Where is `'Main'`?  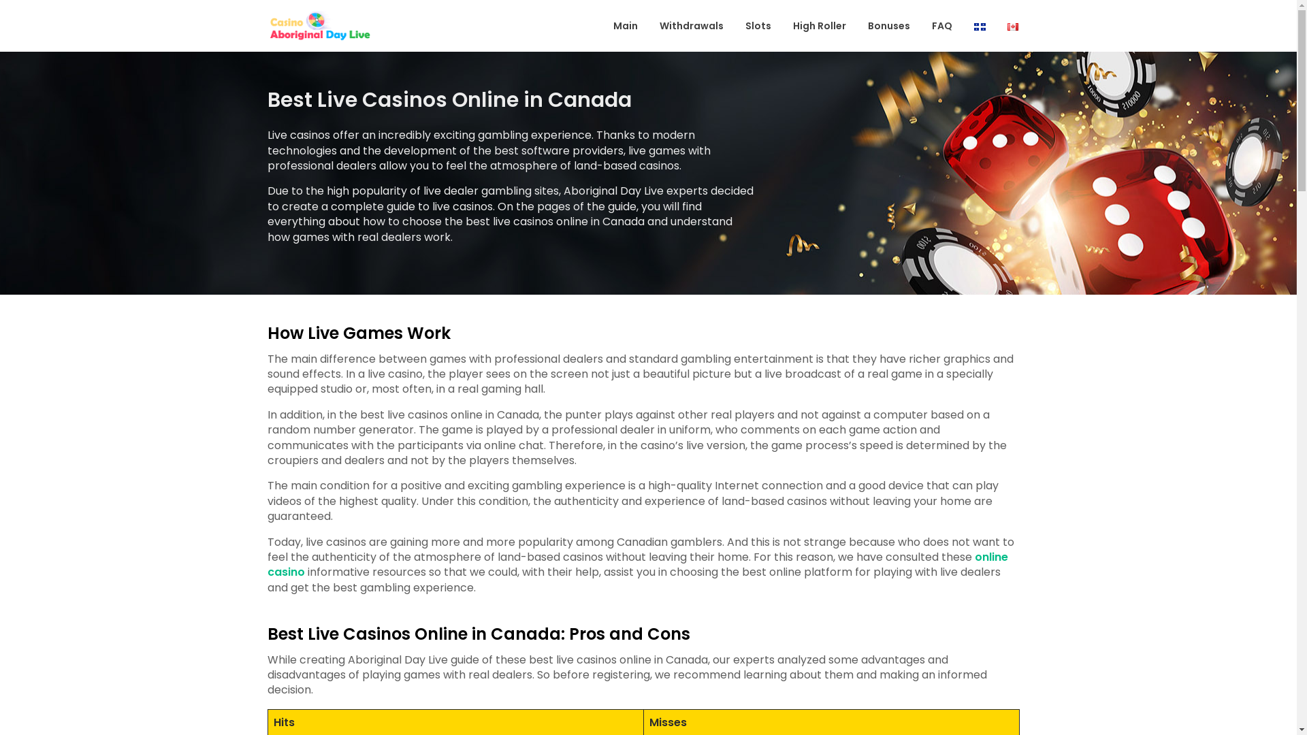
'Main' is located at coordinates (624, 26).